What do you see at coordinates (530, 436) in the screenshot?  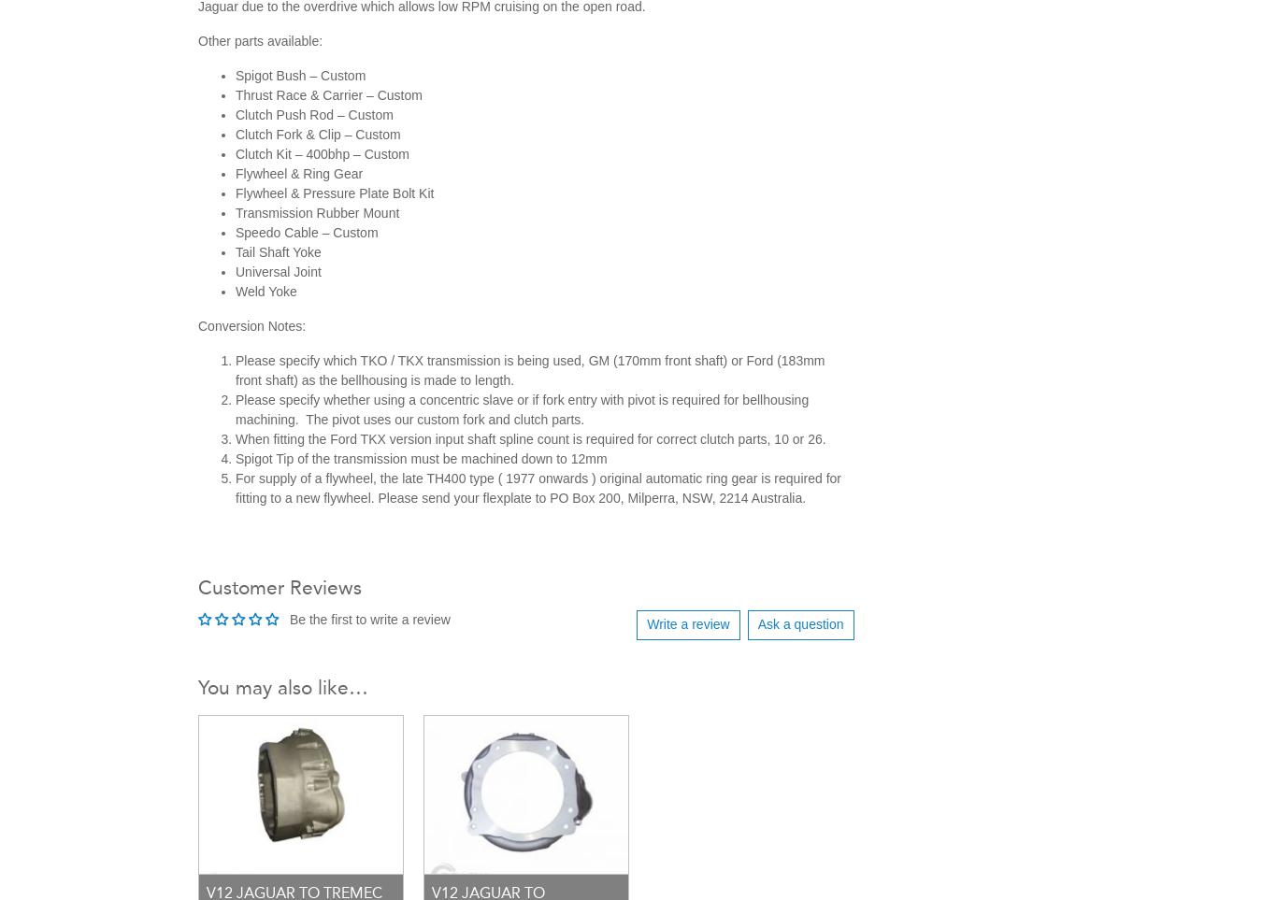 I see `'When fitting the Ford TKX version input shaft spline count is required for correct clutch parts, 10 or 26.'` at bounding box center [530, 436].